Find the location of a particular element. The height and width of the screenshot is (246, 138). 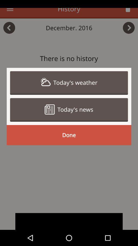

bottom scroll next is located at coordinates (69, 221).